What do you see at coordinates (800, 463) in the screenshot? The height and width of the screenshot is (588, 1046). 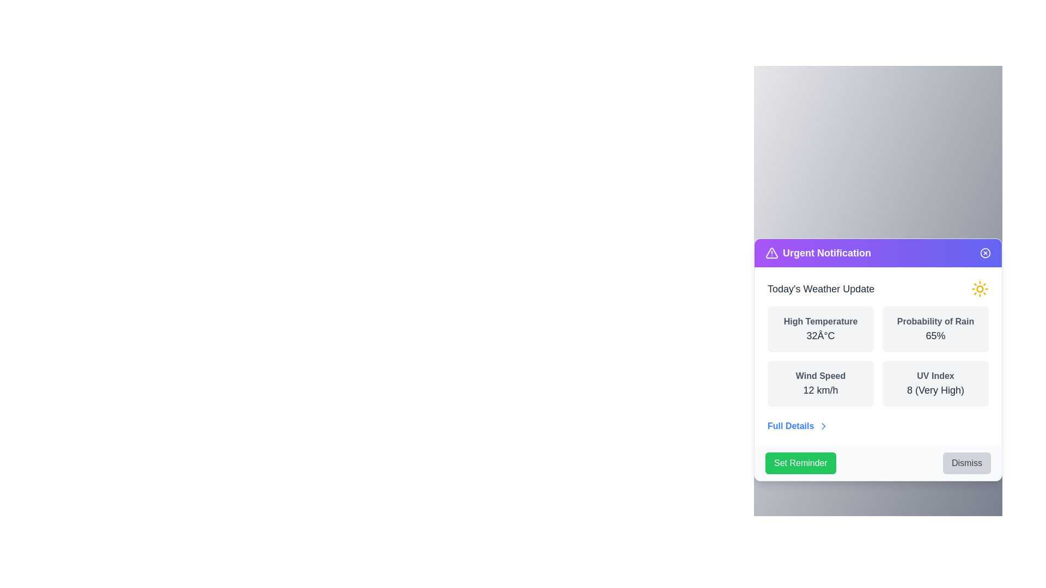 I see `the 'Set Reminder' button located at the bottom of the notification panel, positioned to the left of the 'Dismiss' button` at bounding box center [800, 463].